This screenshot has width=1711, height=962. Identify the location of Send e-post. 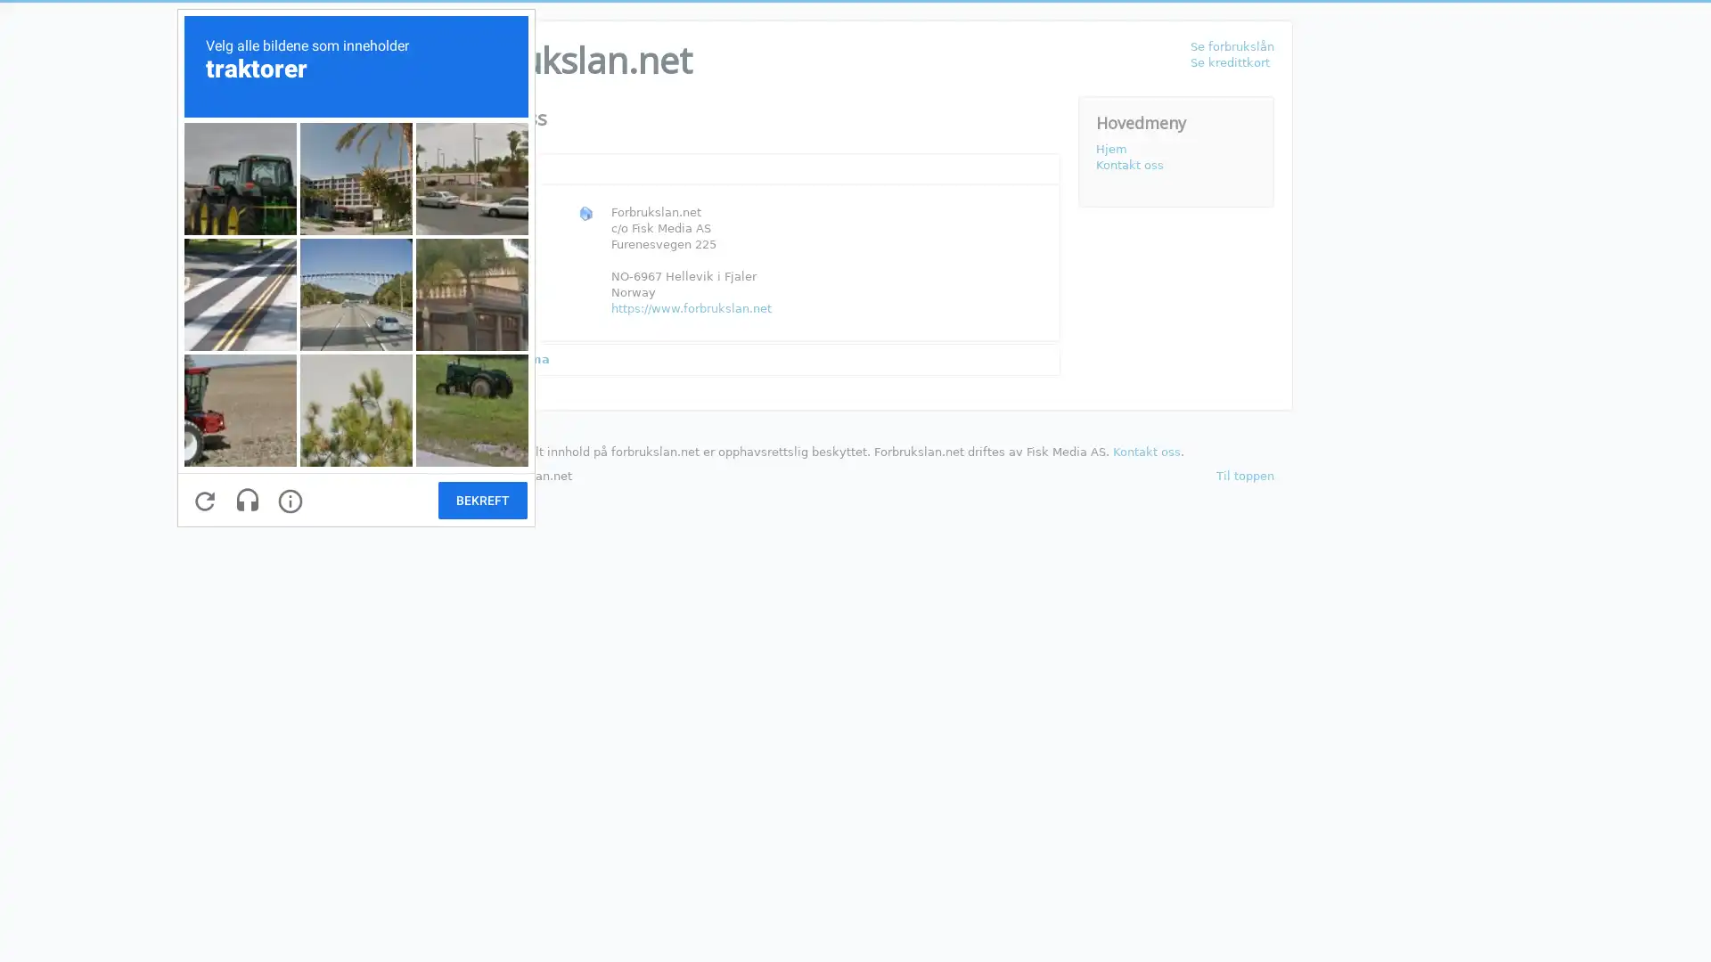
(674, 897).